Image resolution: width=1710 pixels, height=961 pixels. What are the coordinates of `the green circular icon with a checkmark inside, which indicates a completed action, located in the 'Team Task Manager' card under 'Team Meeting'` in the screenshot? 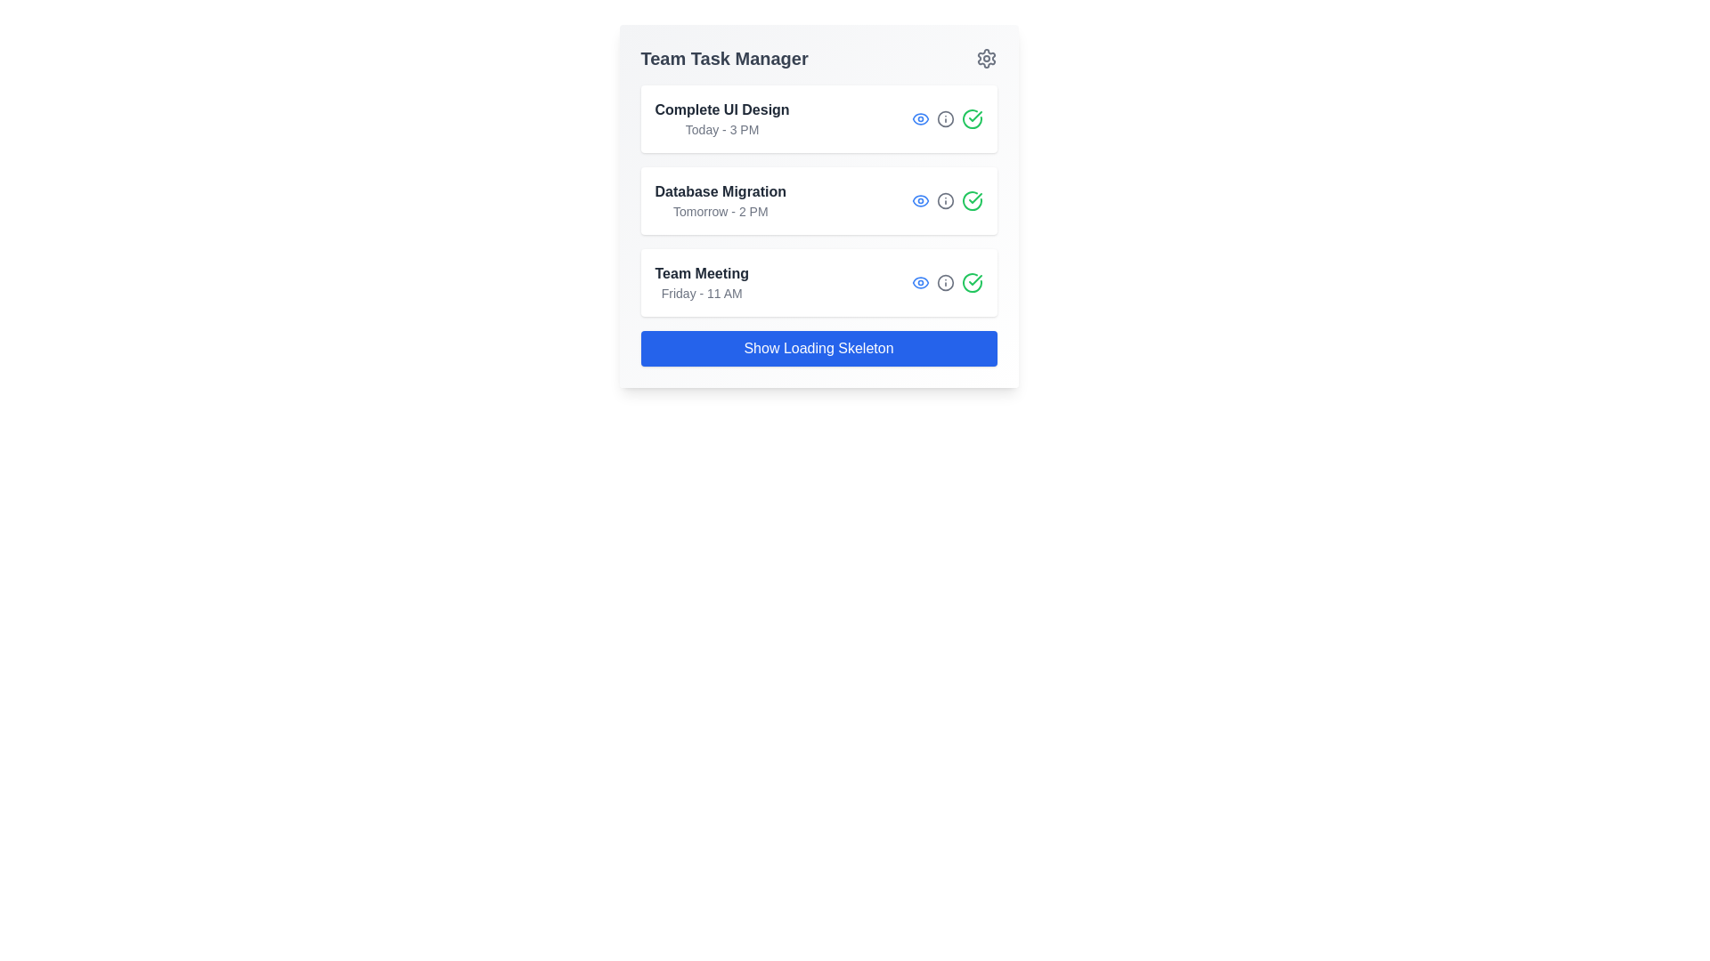 It's located at (971, 281).